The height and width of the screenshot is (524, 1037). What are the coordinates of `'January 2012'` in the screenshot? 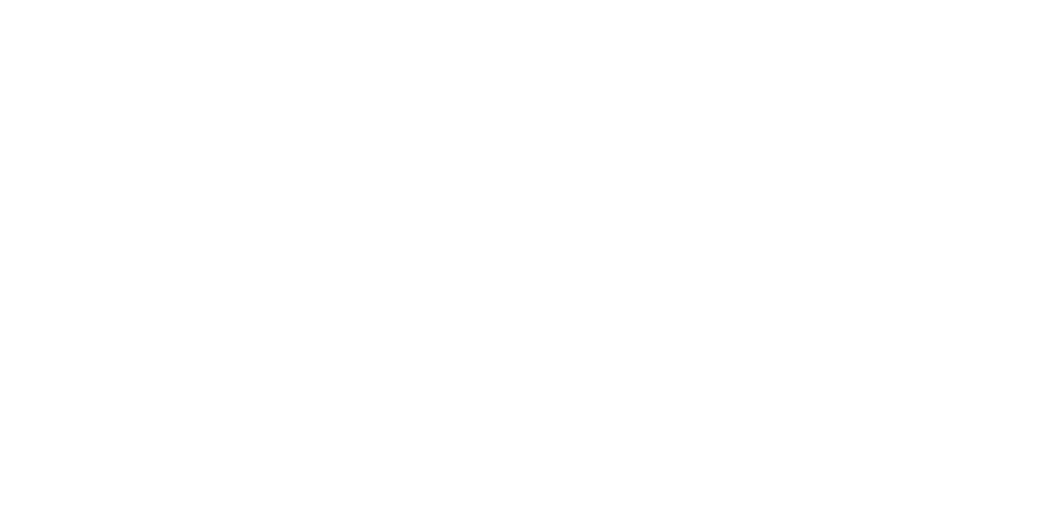 It's located at (682, 306).